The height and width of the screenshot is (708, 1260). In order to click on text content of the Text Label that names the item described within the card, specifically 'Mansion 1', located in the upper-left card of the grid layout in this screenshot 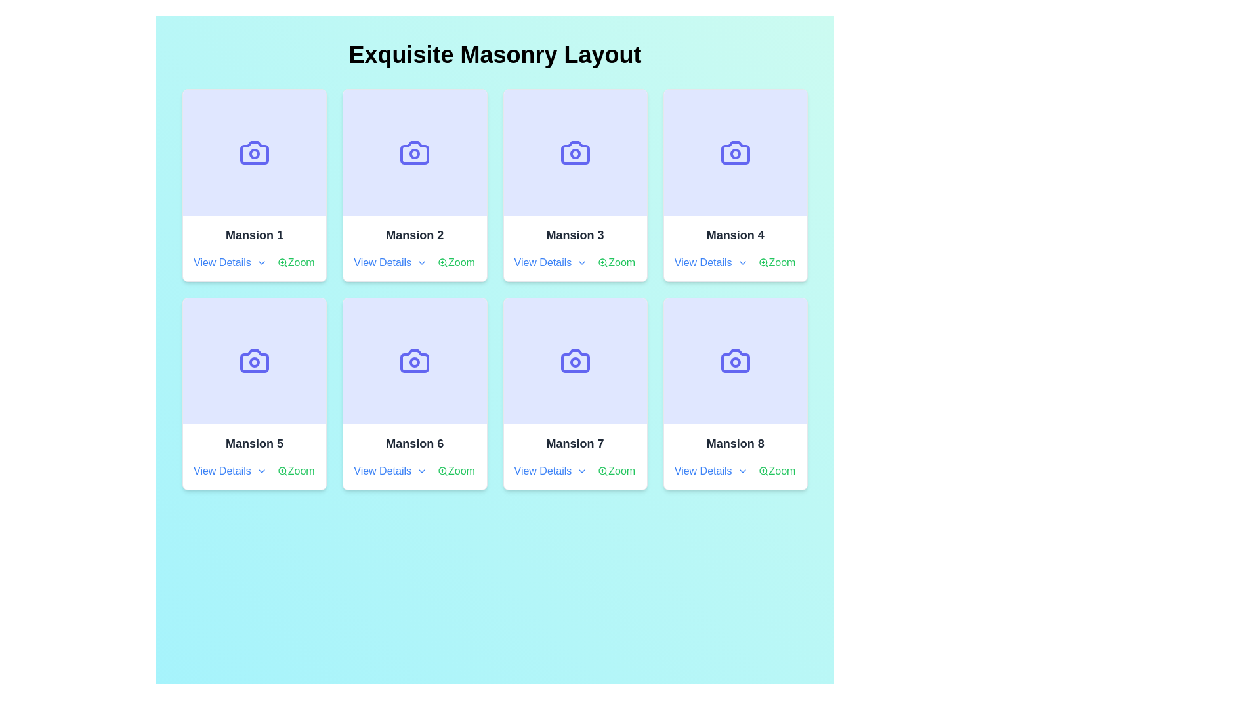, I will do `click(255, 234)`.